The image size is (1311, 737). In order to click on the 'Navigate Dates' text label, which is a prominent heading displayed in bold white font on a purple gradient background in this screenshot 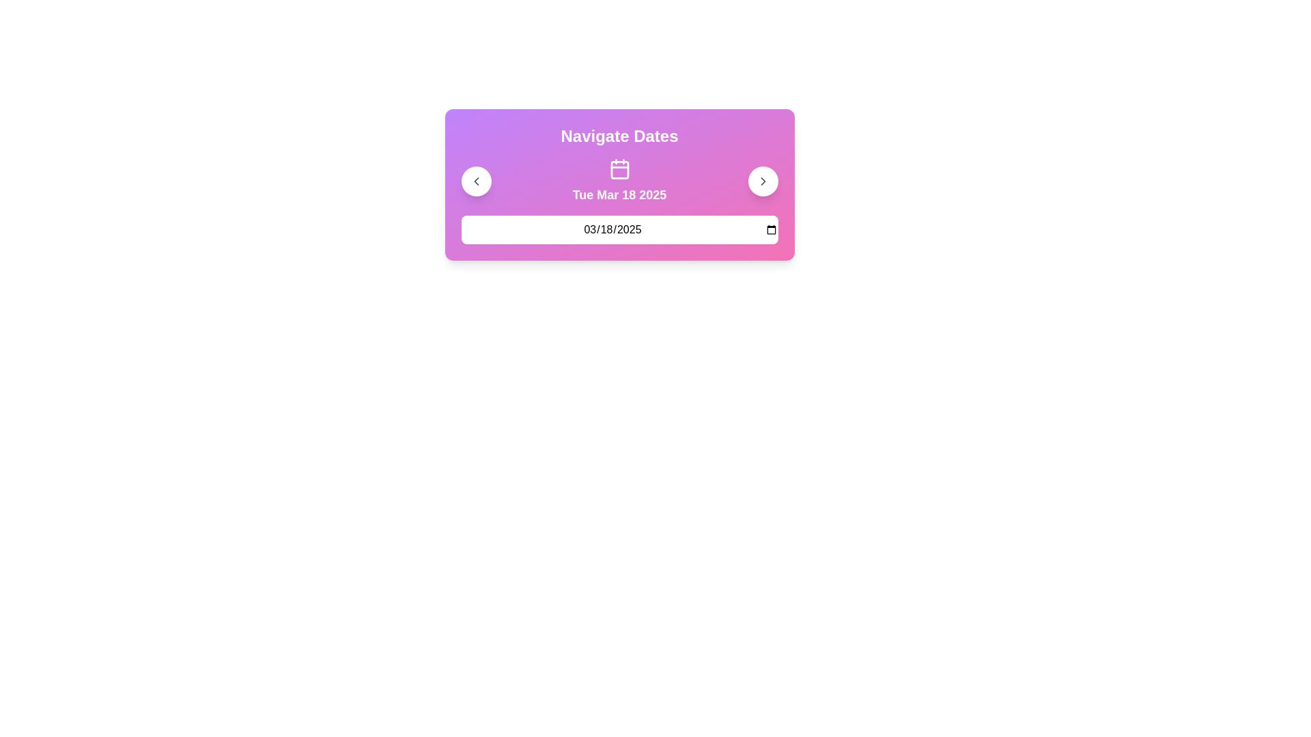, I will do `click(619, 136)`.